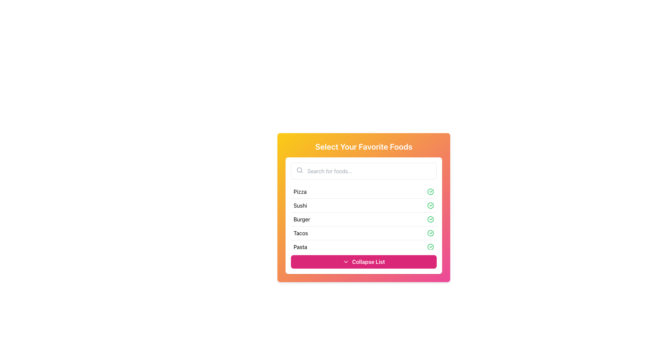 Image resolution: width=648 pixels, height=364 pixels. I want to click on the circular icon with a green border and checkmark in the 'Pizza' row of the list, indicating a selected state, so click(430, 192).